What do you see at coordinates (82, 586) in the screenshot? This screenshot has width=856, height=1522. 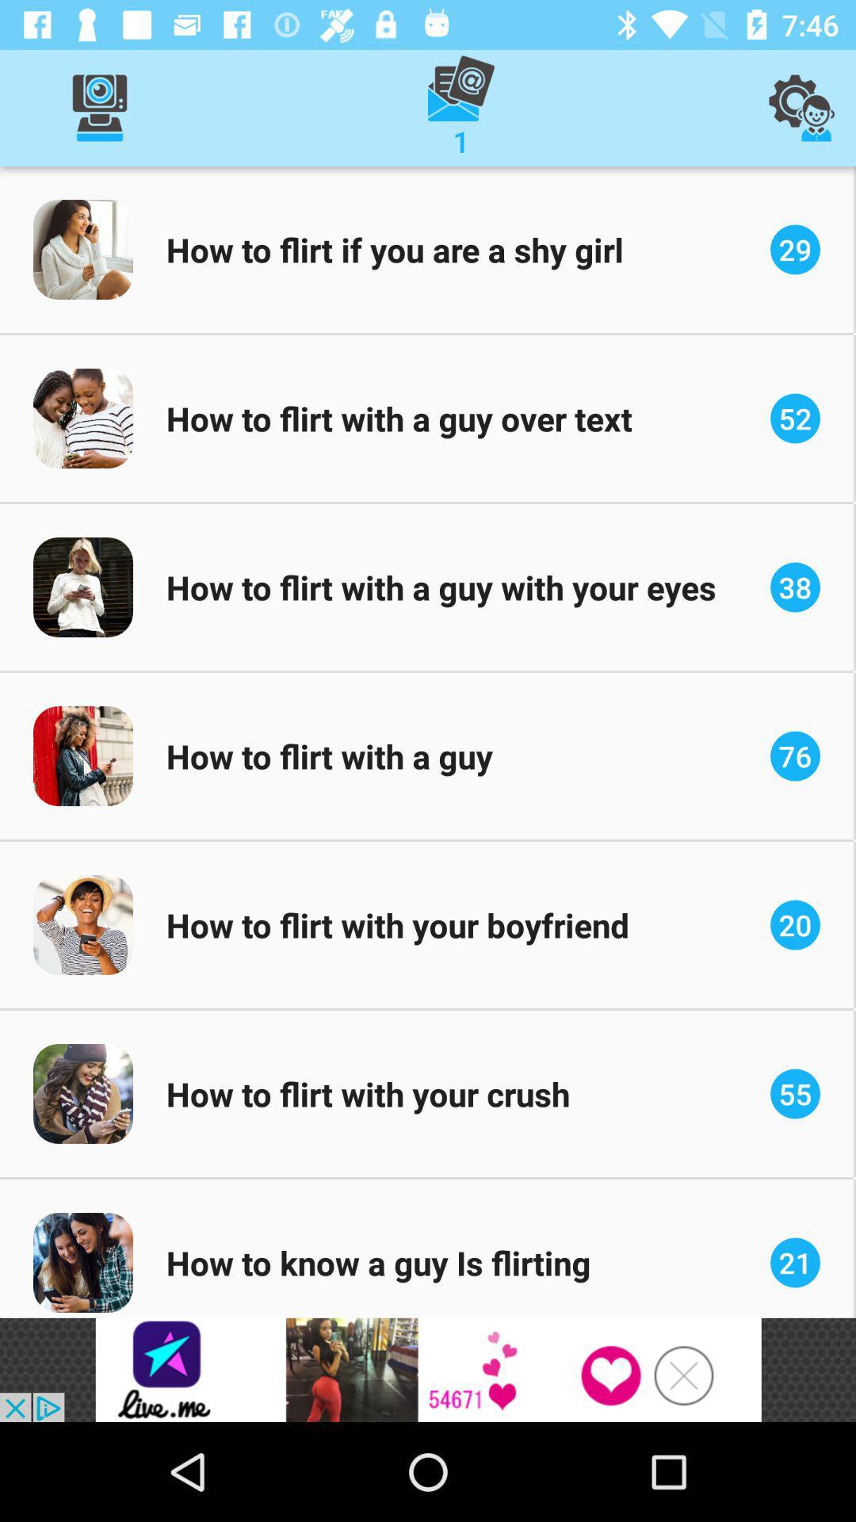 I see `the image to the left of the text how to flirt with a guy with your eyes` at bounding box center [82, 586].